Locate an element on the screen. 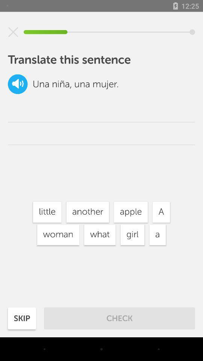 This screenshot has height=361, width=203. the item below the apple item is located at coordinates (132, 234).